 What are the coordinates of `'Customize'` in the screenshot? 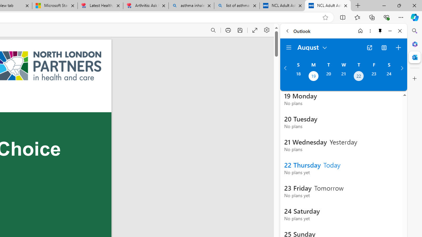 It's located at (414, 78).